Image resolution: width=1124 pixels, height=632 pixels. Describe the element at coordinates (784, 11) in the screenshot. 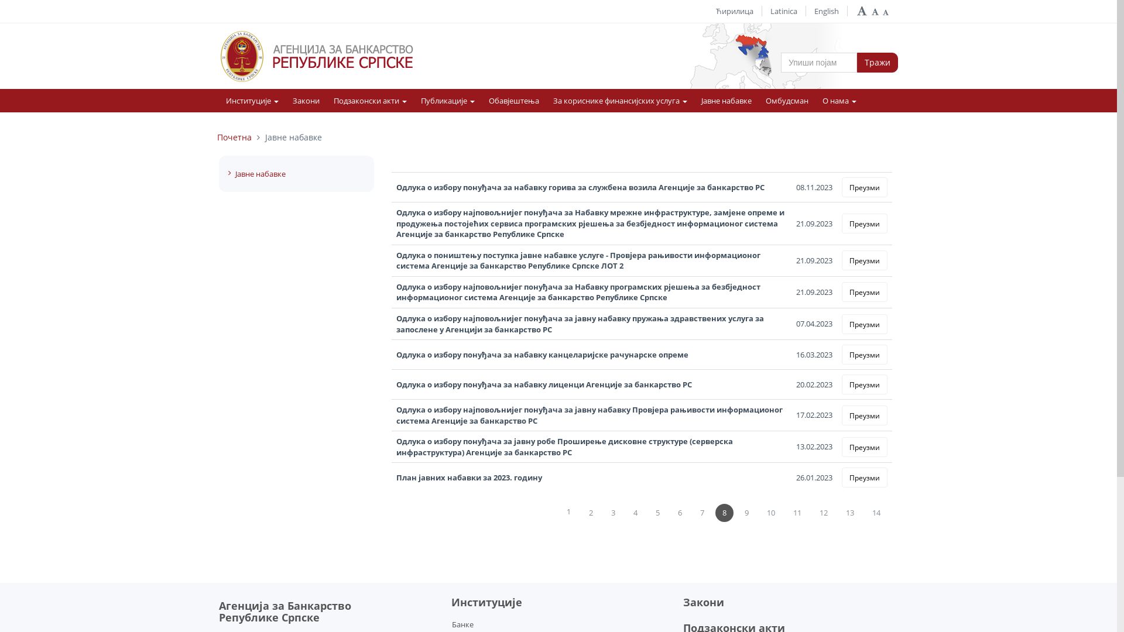

I see `'Latinica'` at that location.